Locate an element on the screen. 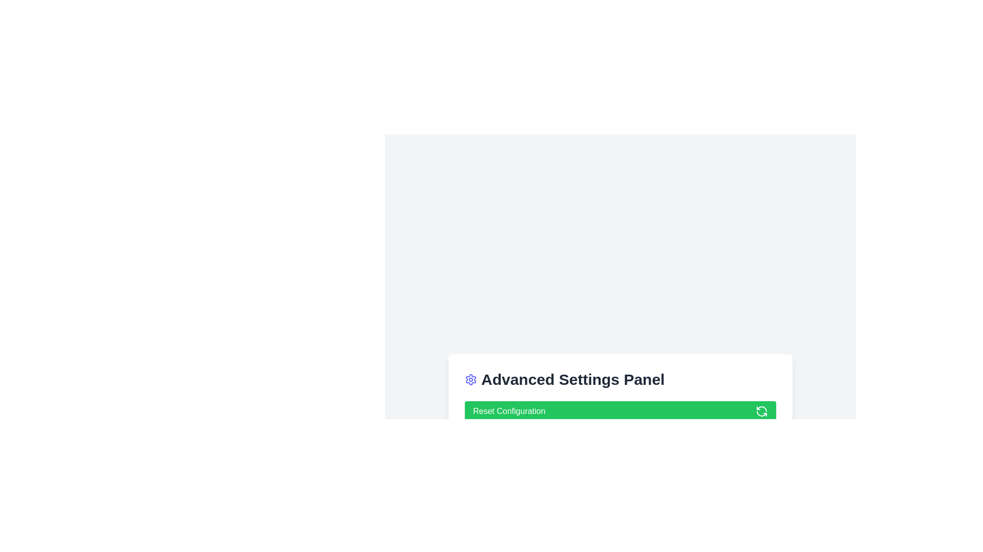 The width and height of the screenshot is (983, 552). the green button labeled 'Reset Configuration' located in the central panel for modifying or resetting advanced system or application settings is located at coordinates (619, 409).